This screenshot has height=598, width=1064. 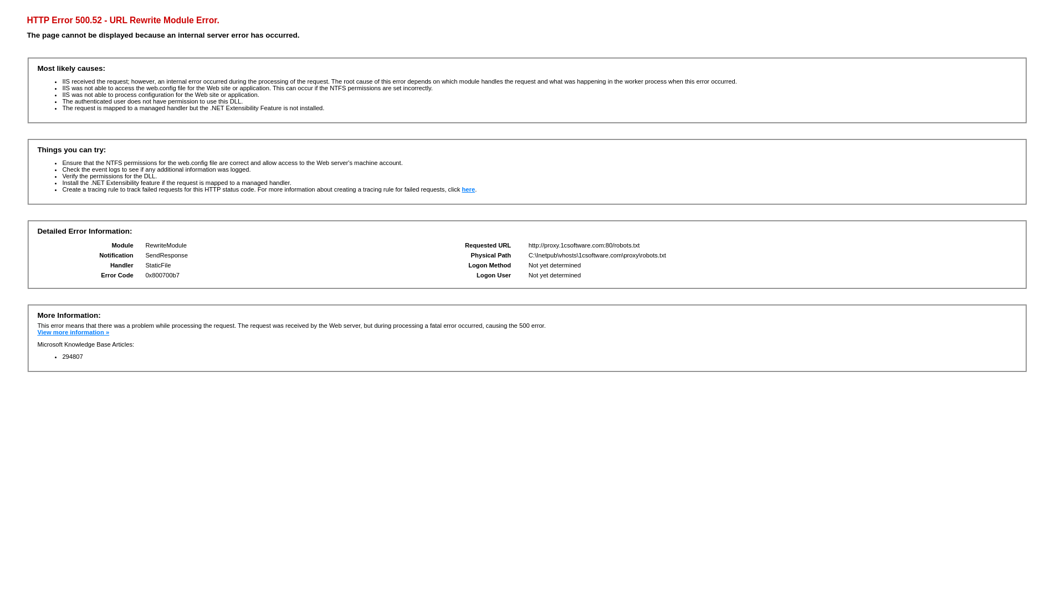 I want to click on 'here', so click(x=468, y=189).